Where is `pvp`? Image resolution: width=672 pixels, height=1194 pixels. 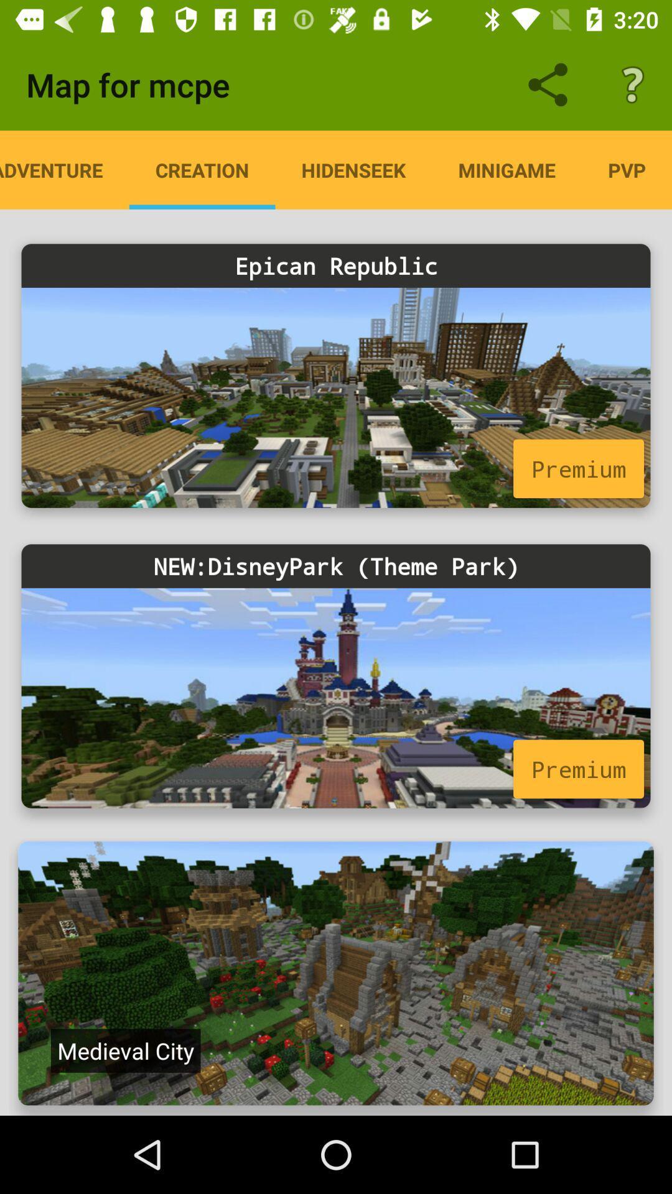 pvp is located at coordinates (627, 169).